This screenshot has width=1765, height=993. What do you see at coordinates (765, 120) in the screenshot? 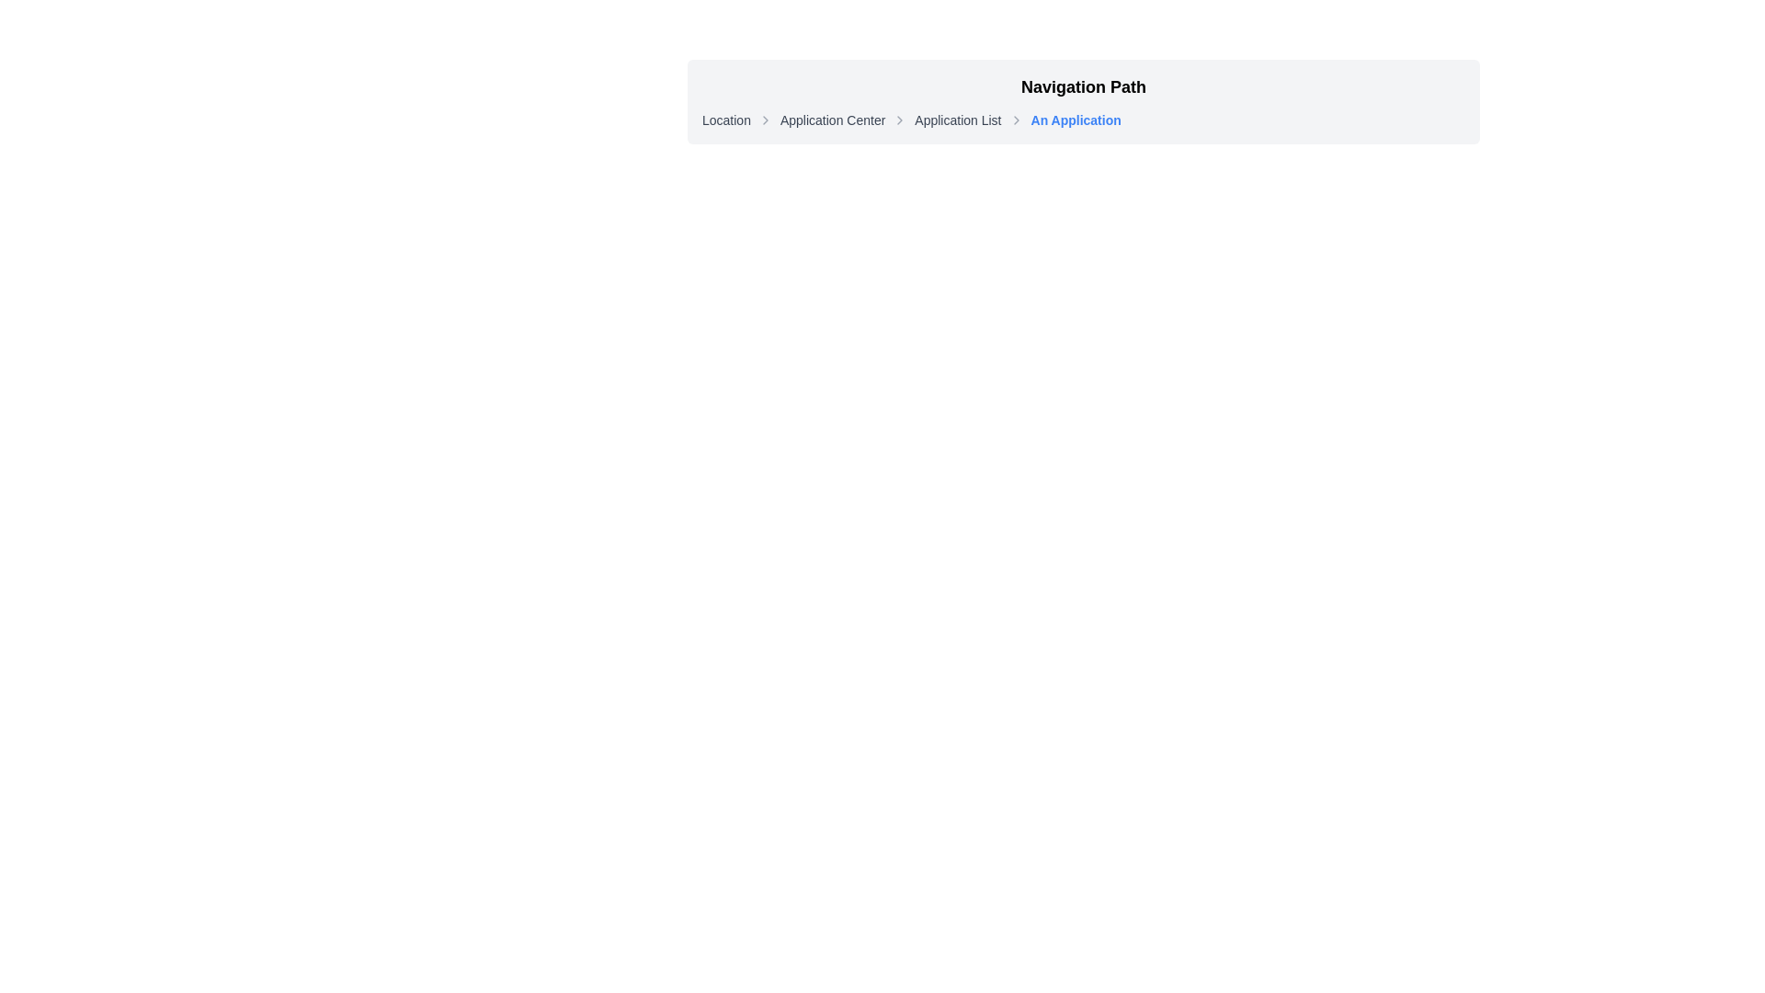
I see `the right-facing chevron icon located between the 'Location' and 'Application Center' text links in the breadcrumb navigation bar` at bounding box center [765, 120].